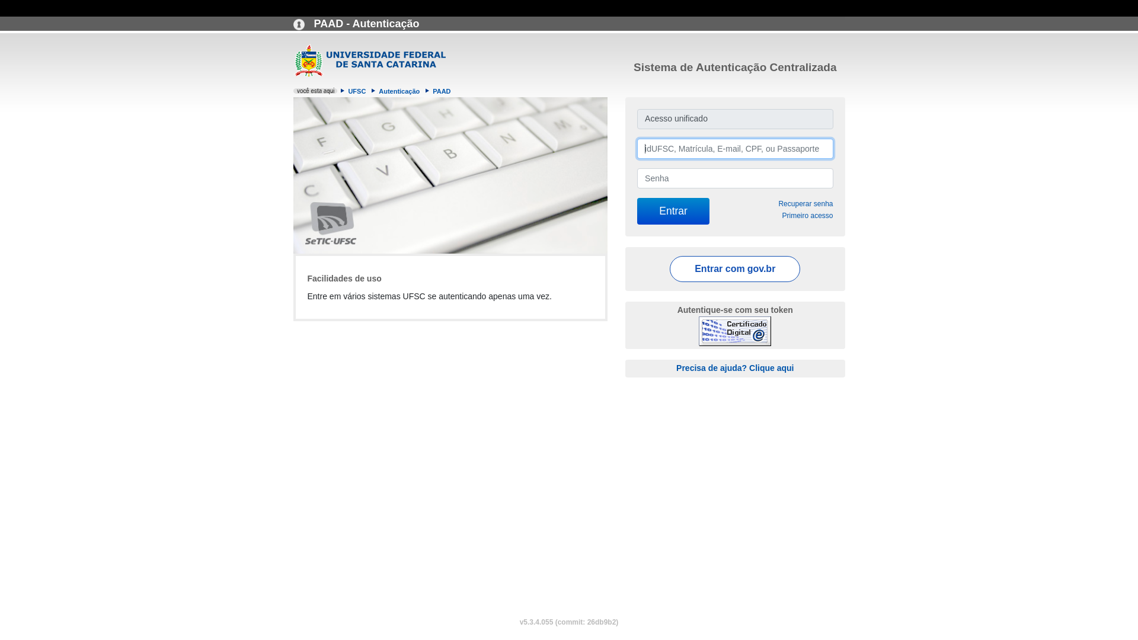 The width and height of the screenshot is (1138, 640). I want to click on 'Primeiro acesso', so click(807, 215).